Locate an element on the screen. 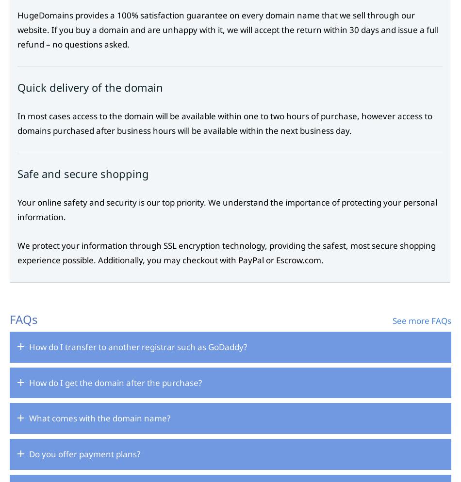 This screenshot has height=482, width=461. 'Your online safety and security is our top priority. We understand the importance of protecting your personal information.' is located at coordinates (227, 209).